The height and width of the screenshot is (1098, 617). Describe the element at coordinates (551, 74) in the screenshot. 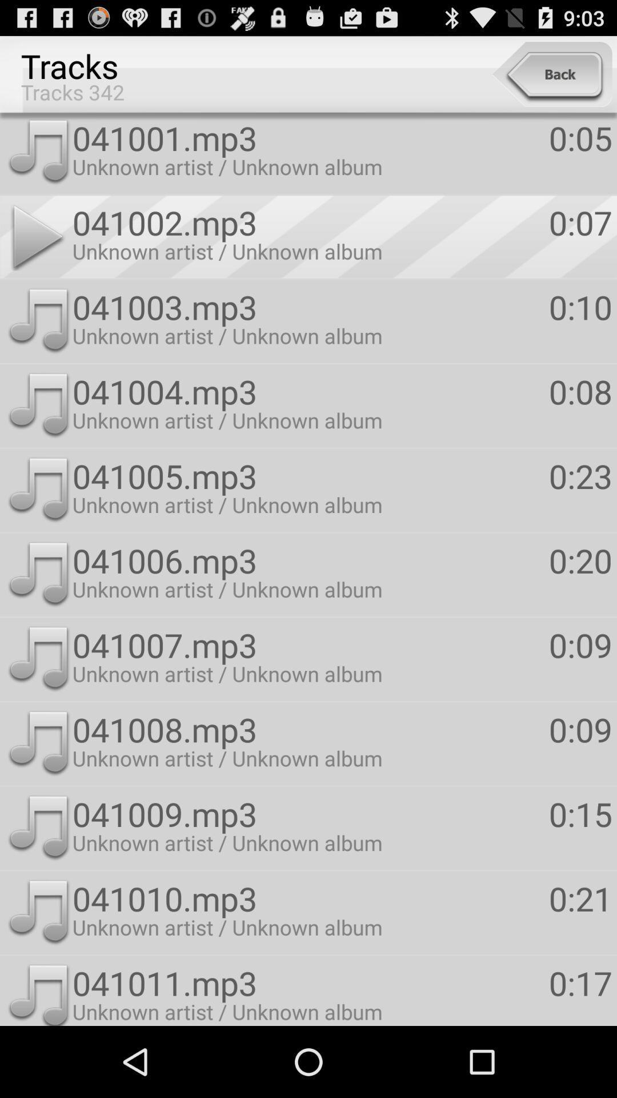

I see `go back` at that location.